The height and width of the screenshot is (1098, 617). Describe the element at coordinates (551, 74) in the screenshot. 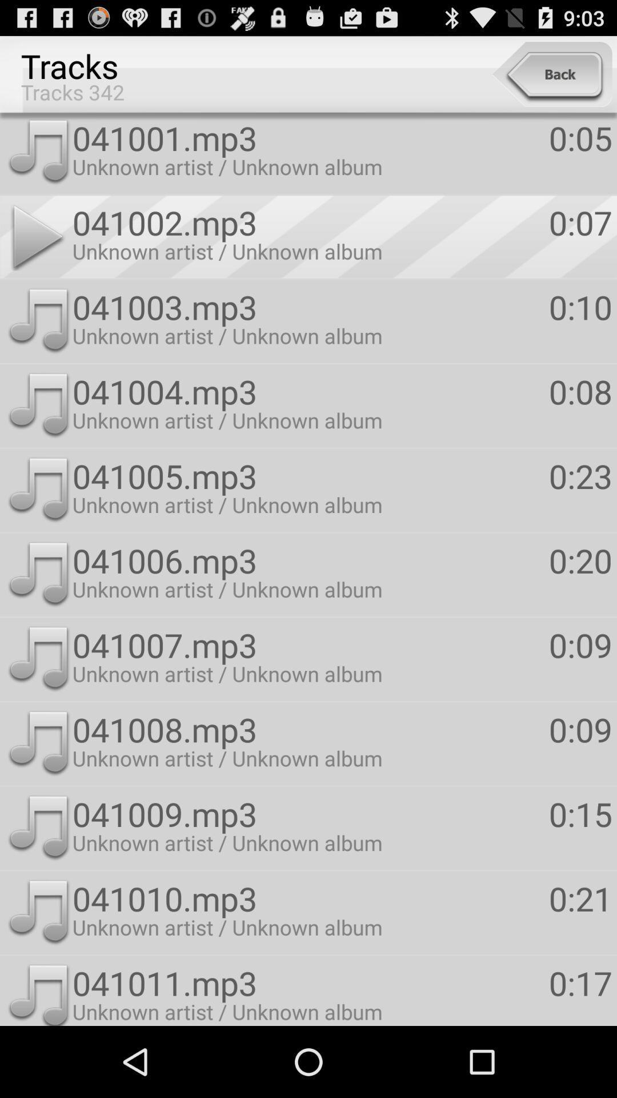

I see `go back` at that location.